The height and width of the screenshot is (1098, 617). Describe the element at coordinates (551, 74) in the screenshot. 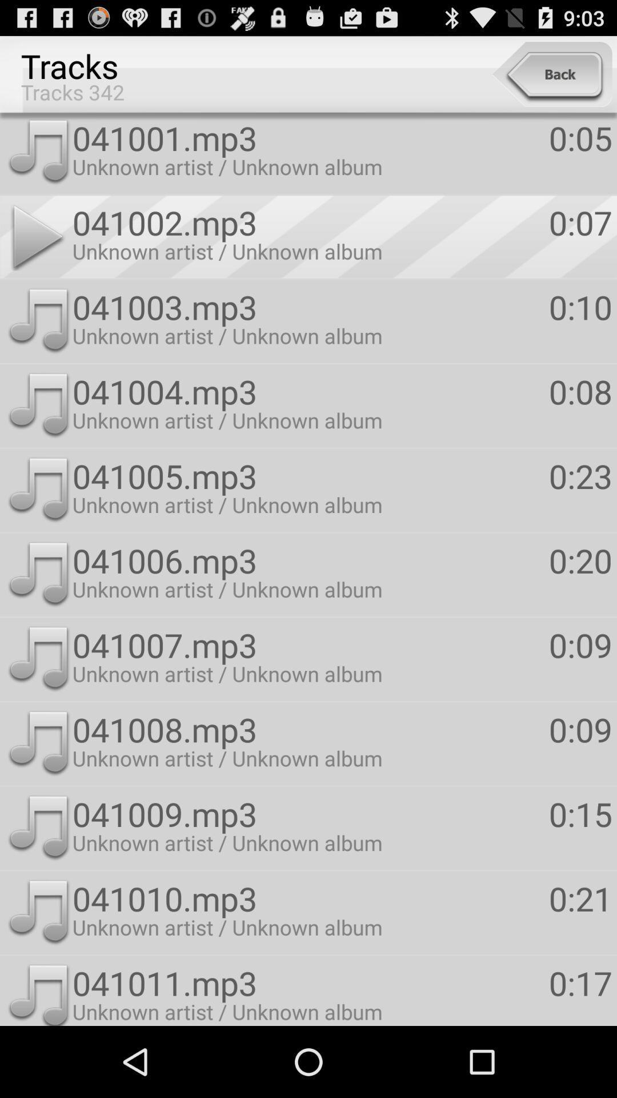

I see `go back` at that location.